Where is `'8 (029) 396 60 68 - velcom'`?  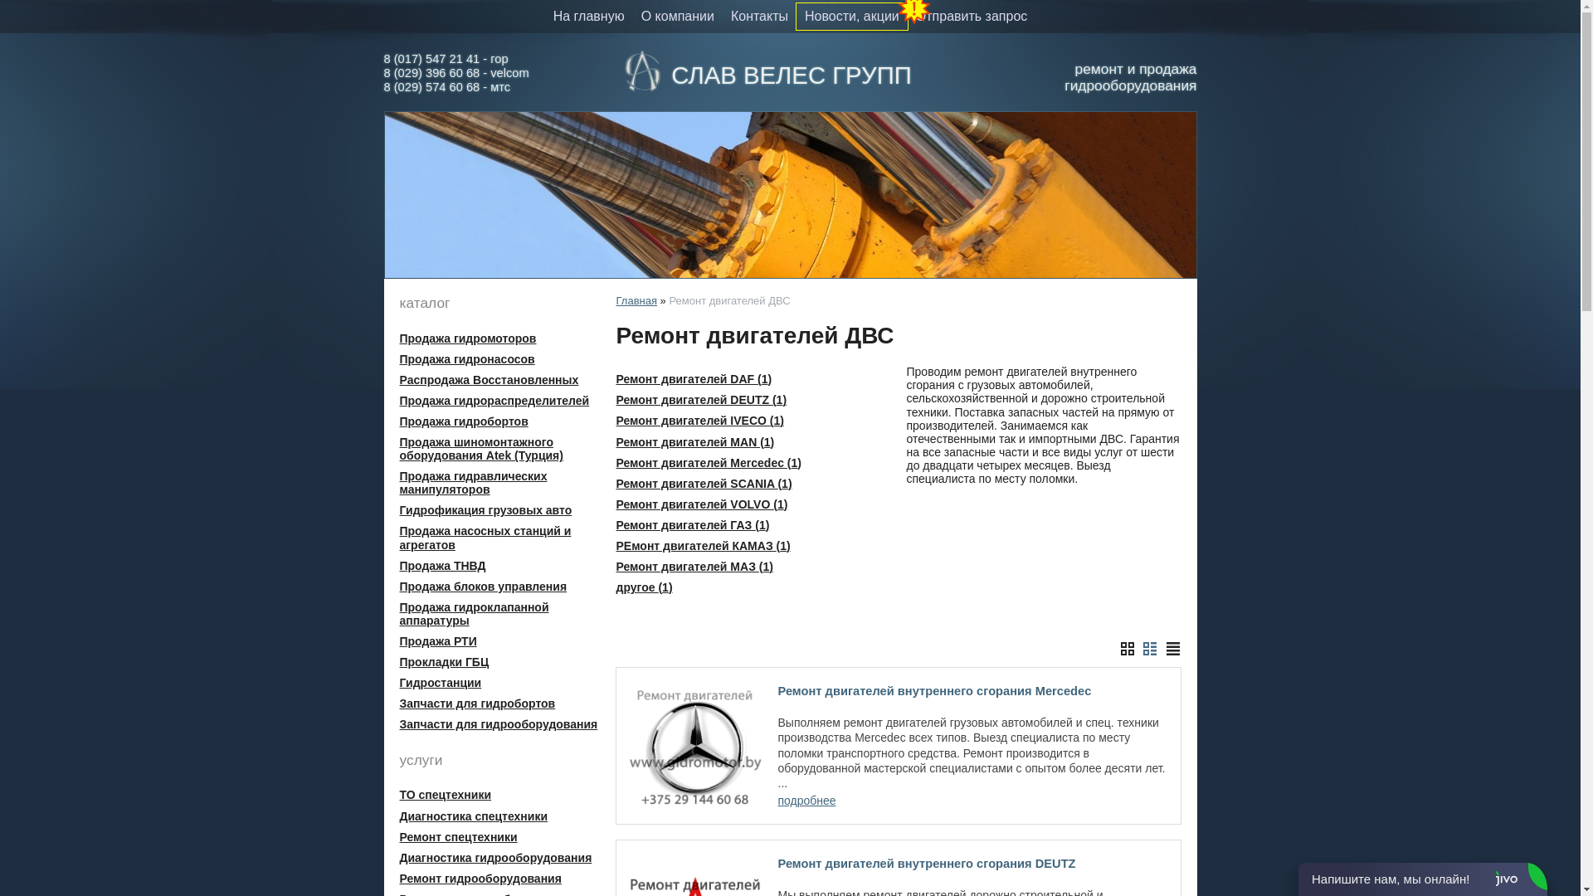 '8 (029) 396 60 68 - velcom' is located at coordinates (455, 72).